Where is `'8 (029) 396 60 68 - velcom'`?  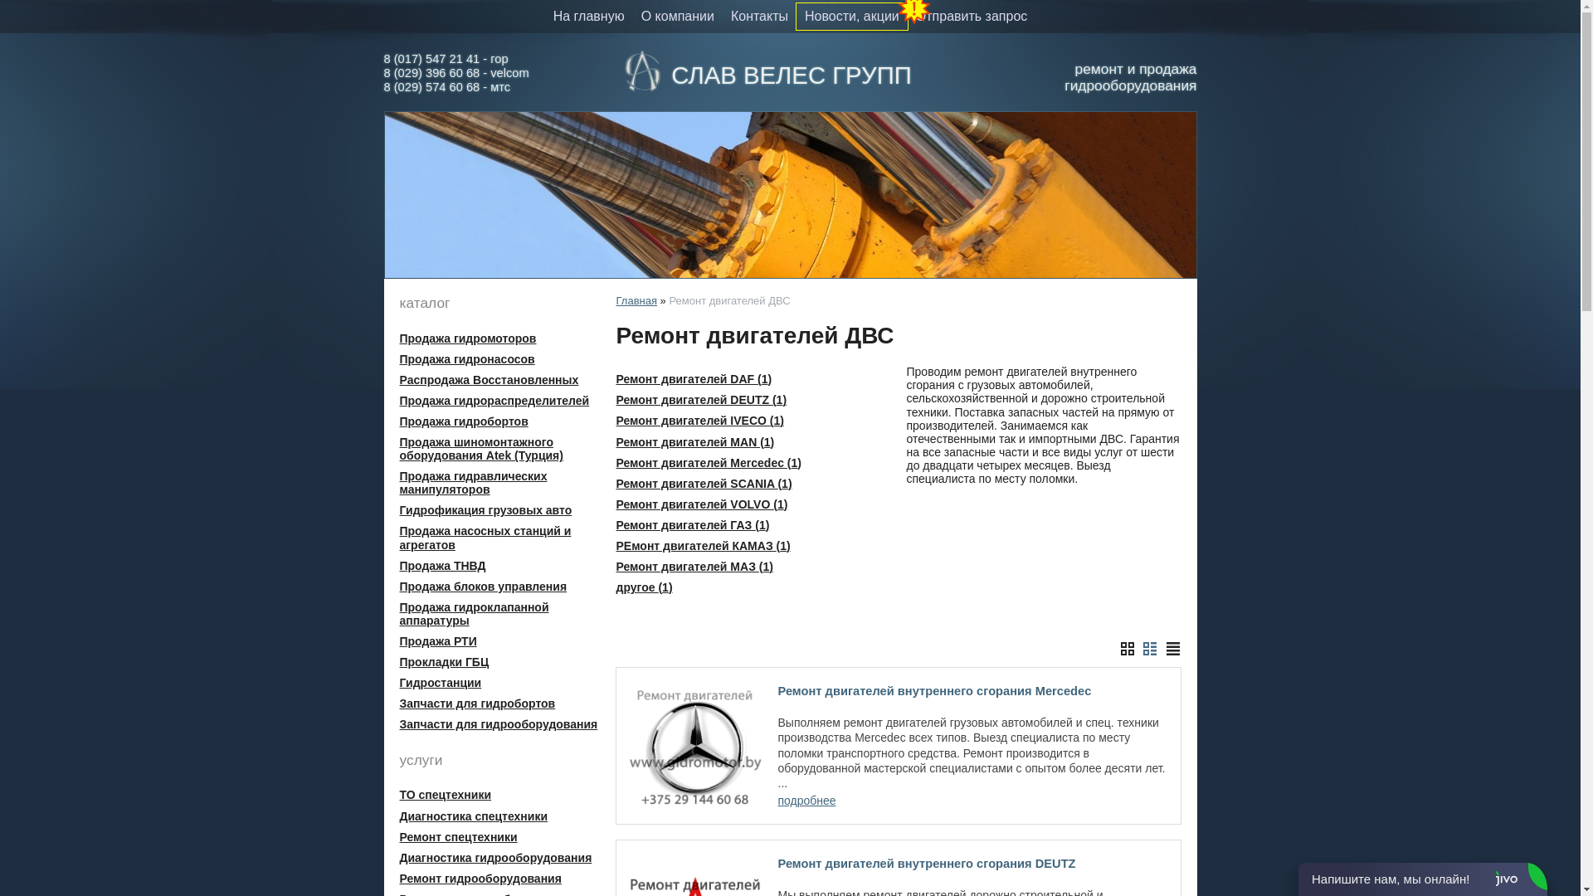 '8 (029) 396 60 68 - velcom' is located at coordinates (455, 72).